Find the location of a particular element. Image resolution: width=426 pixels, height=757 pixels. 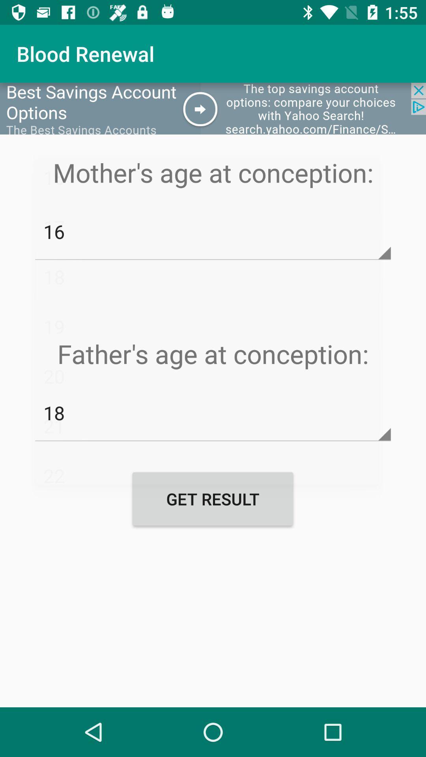

web add is located at coordinates (213, 108).